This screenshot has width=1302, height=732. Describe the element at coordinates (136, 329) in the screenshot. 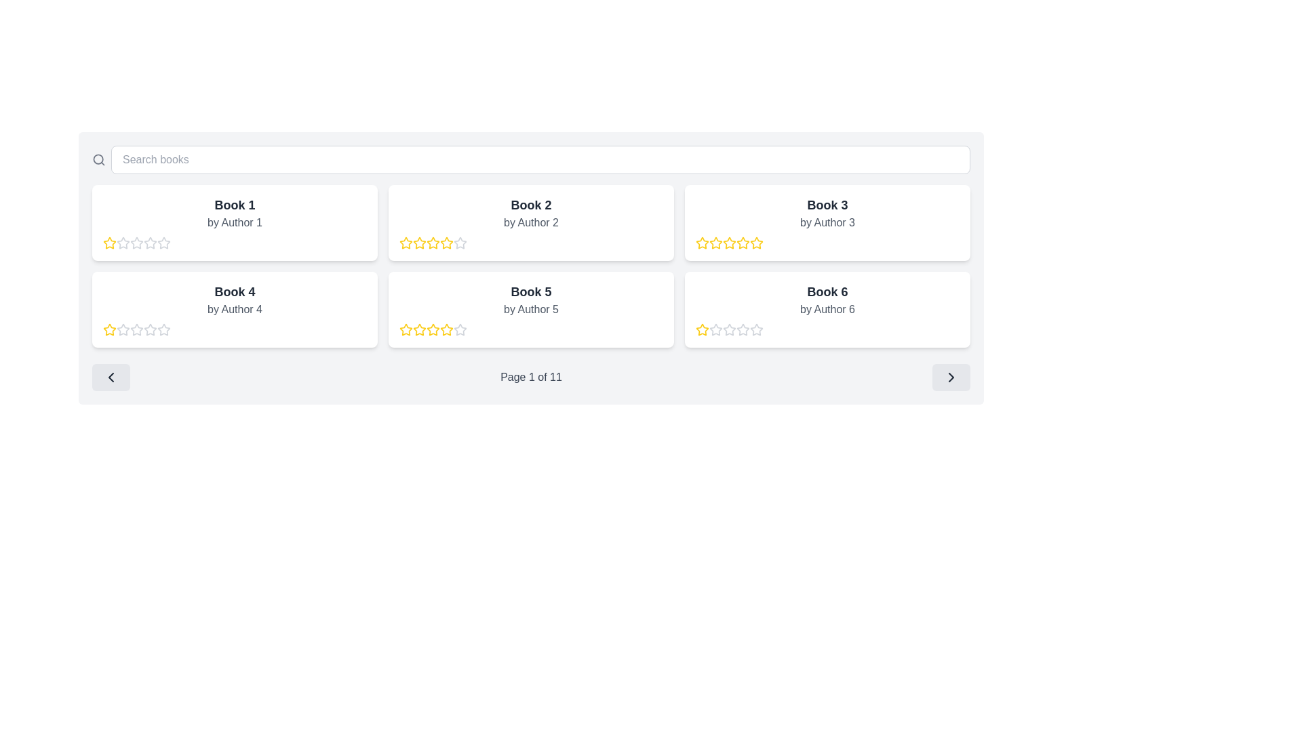

I see `the second star icon in the rating system below 'Book 4' by 'Author 4'` at that location.